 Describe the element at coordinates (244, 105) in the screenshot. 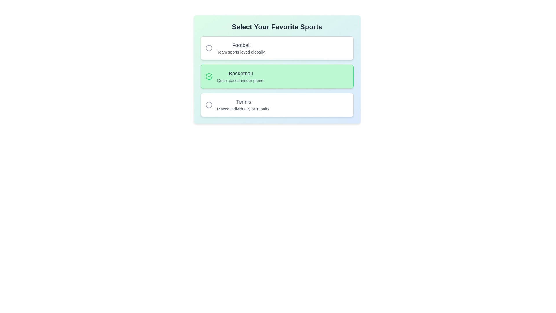

I see `static text content within the selectable card that displays 'Tennis' and 'Played individually or in pairs.'` at that location.